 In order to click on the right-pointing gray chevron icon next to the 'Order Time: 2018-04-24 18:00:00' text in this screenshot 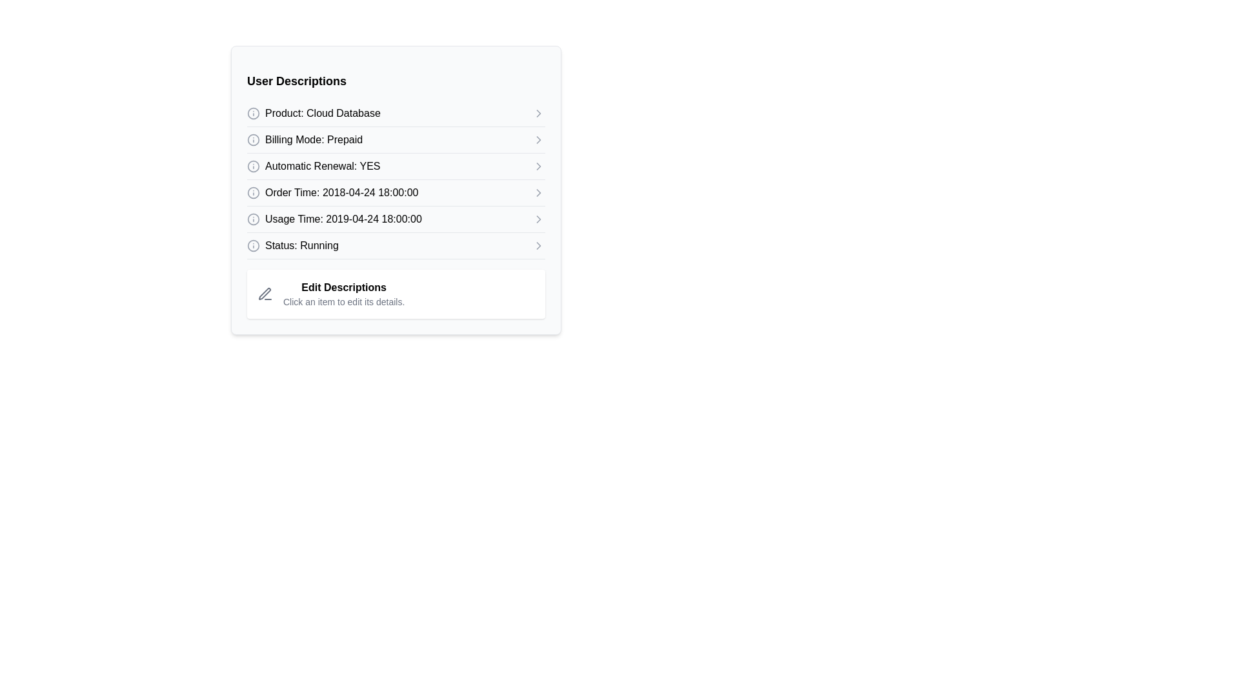, I will do `click(539, 193)`.